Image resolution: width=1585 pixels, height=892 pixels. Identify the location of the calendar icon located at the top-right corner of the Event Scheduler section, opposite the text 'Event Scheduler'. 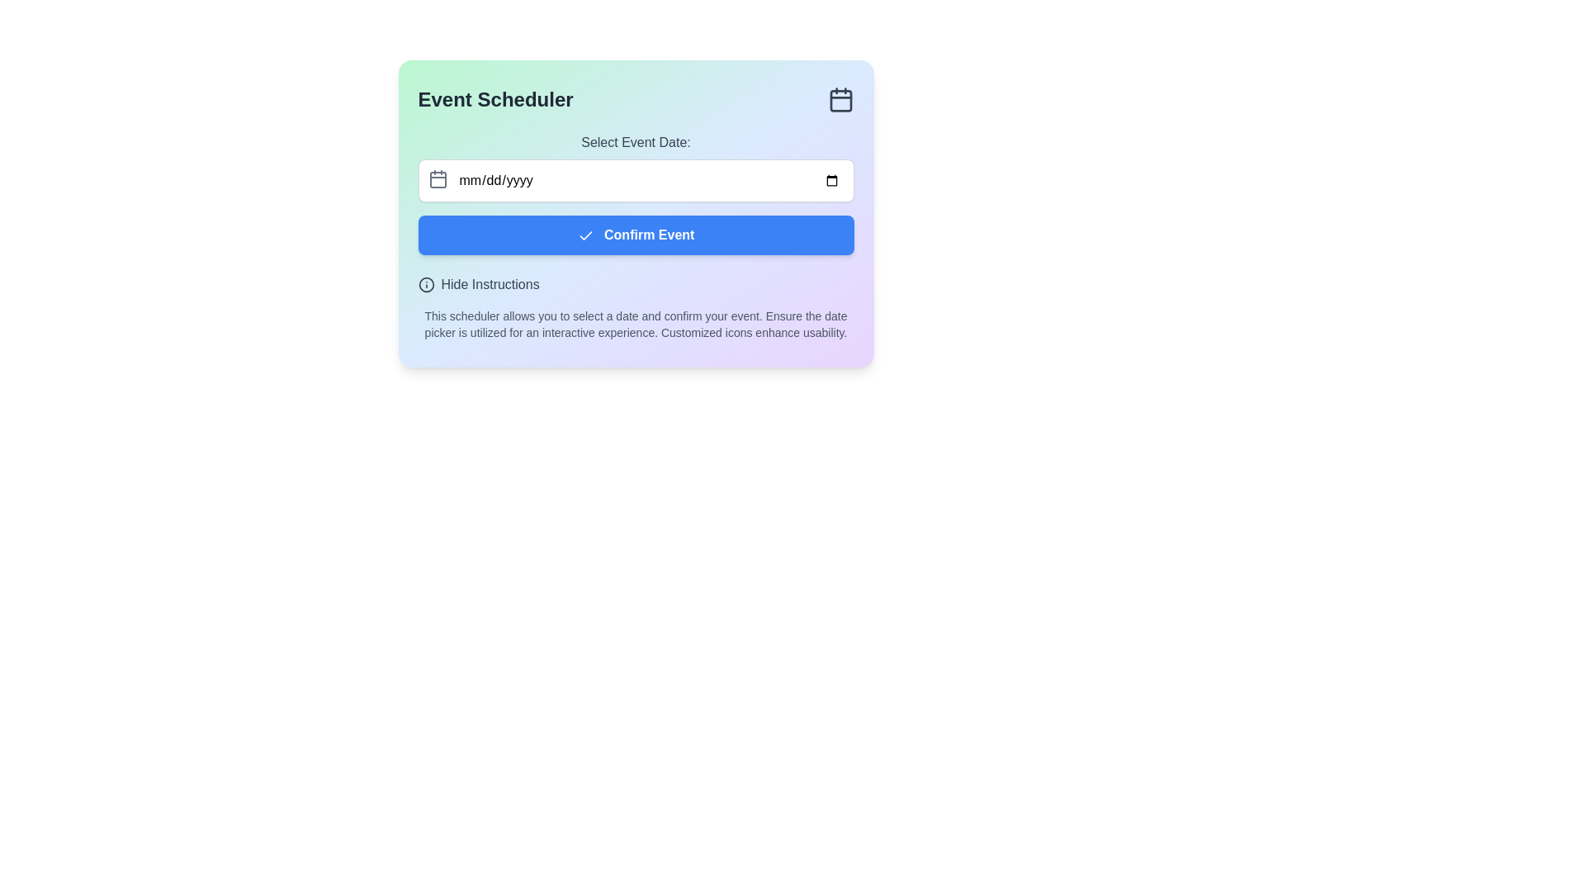
(840, 99).